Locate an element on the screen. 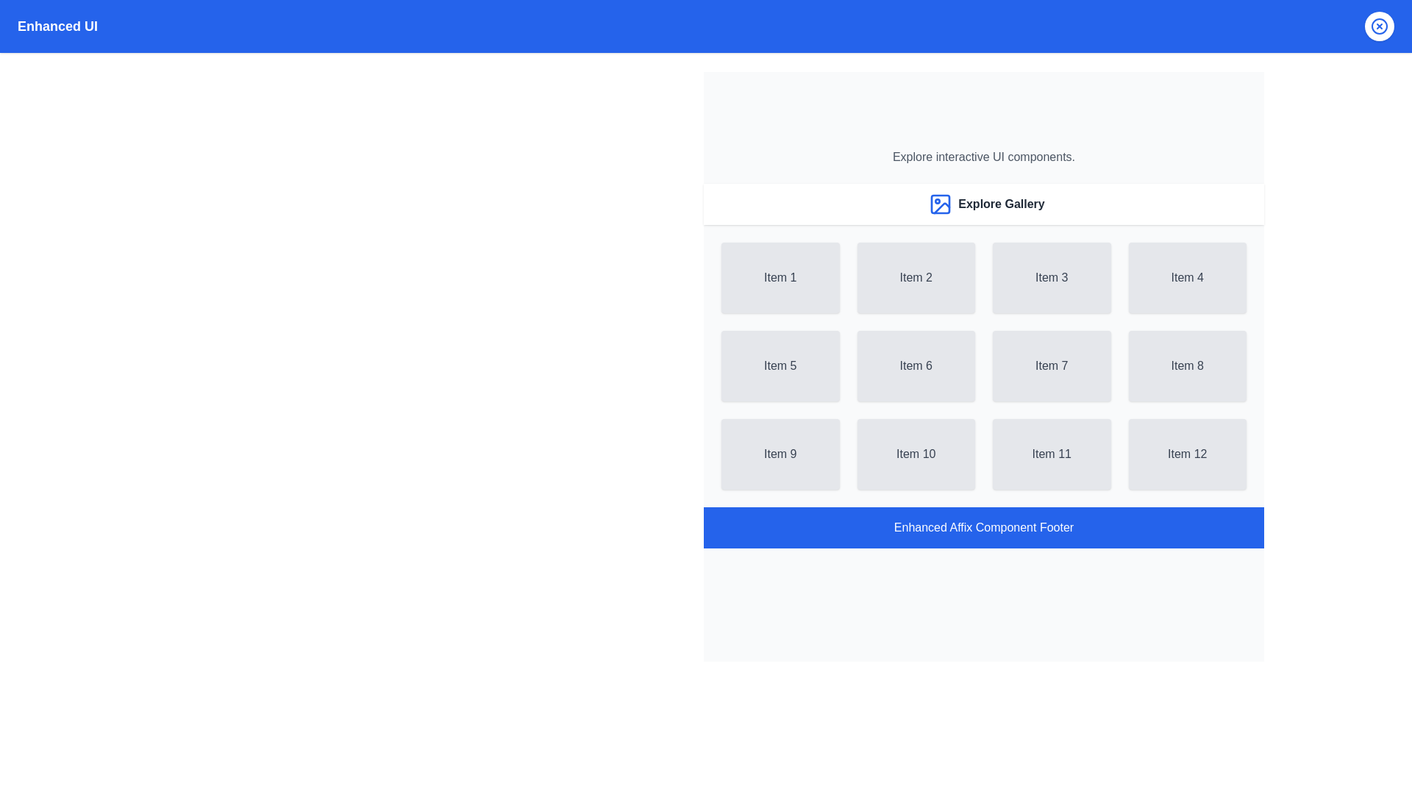 The image size is (1412, 794). the title/header element at the top-left corner of the interface, which serves as the title or heading for the application or page is located at coordinates (57, 26).